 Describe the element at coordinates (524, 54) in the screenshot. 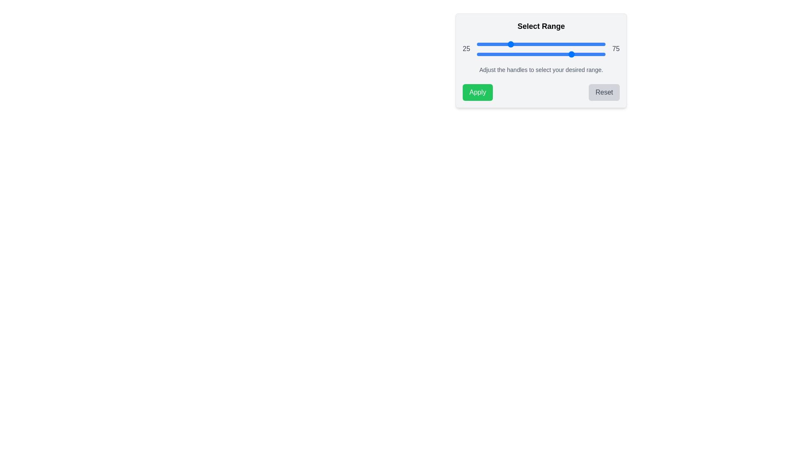

I see `the slider value` at that location.